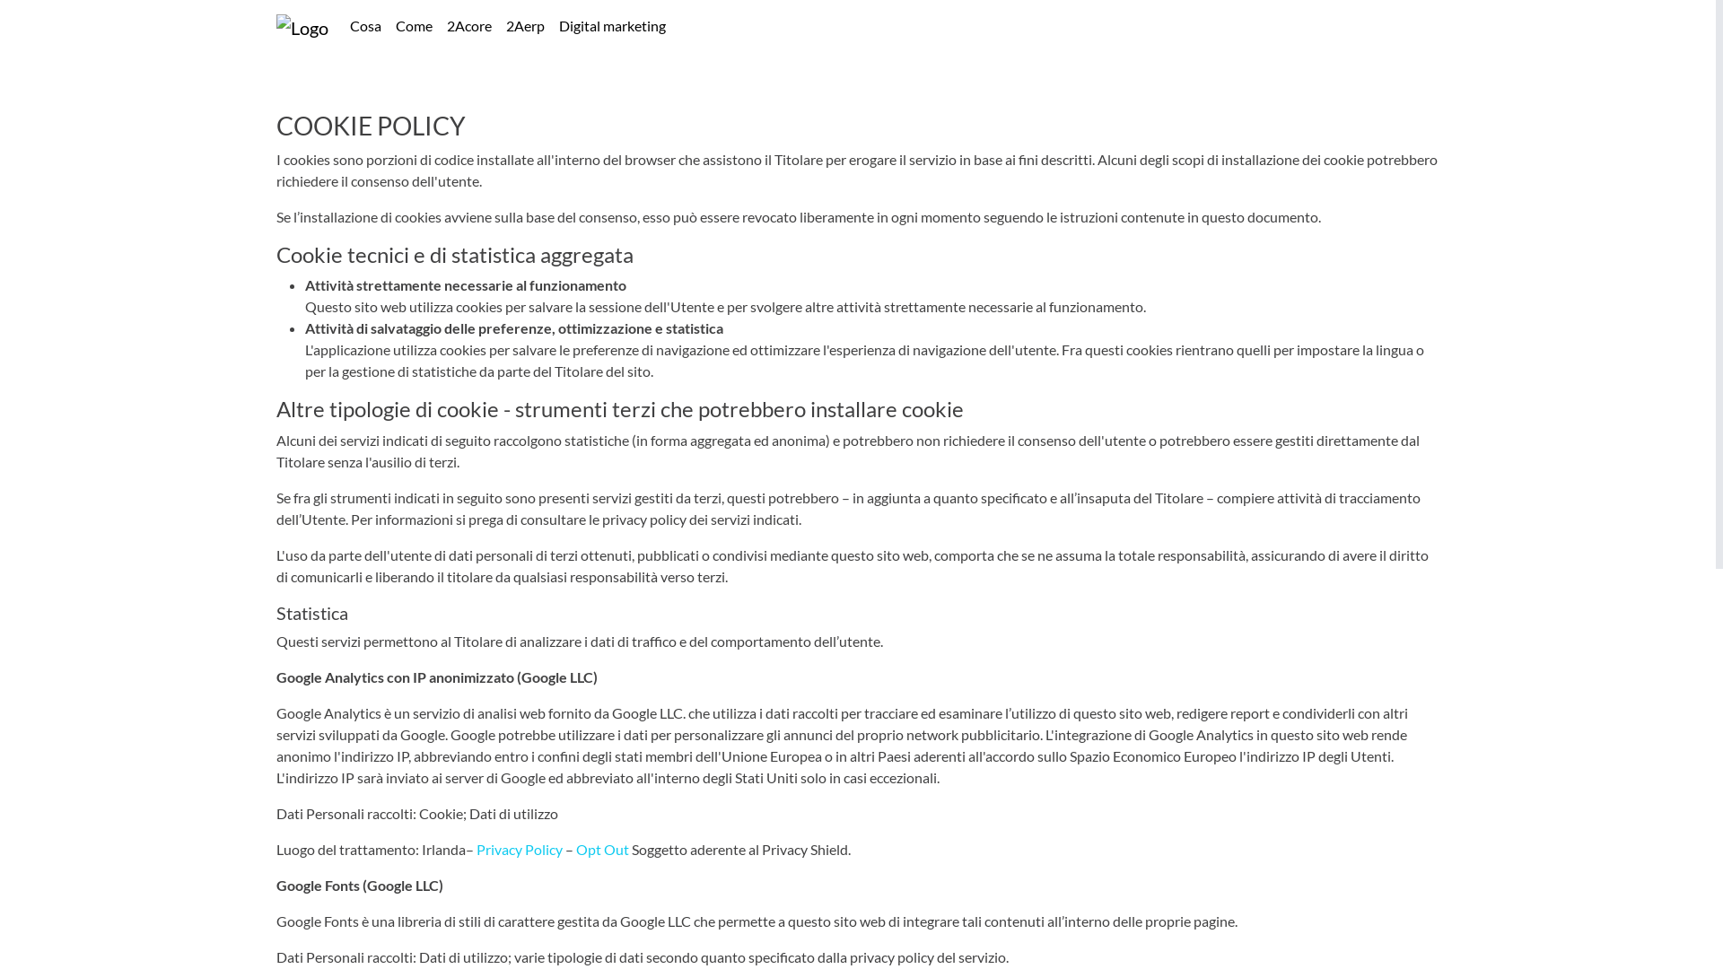 This screenshot has height=969, width=1723. Describe the element at coordinates (413, 26) in the screenshot. I see `'Come'` at that location.